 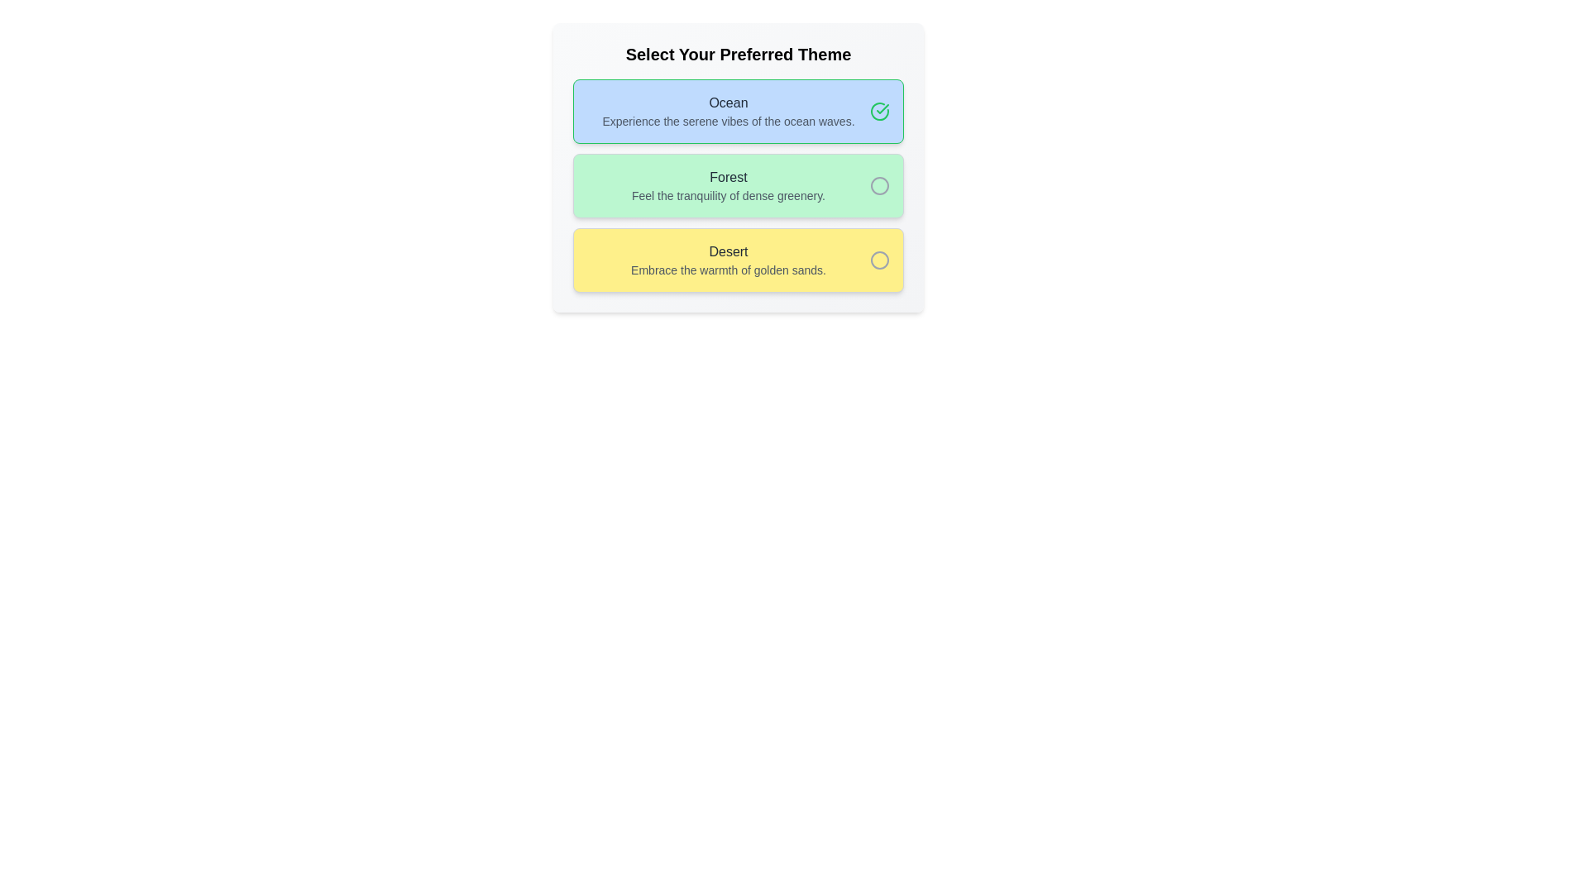 I want to click on the text element 'Ocean' which is styled with a medium-weight font and gray color, located in the upper section of a light blue rectangular card, so click(x=728, y=103).